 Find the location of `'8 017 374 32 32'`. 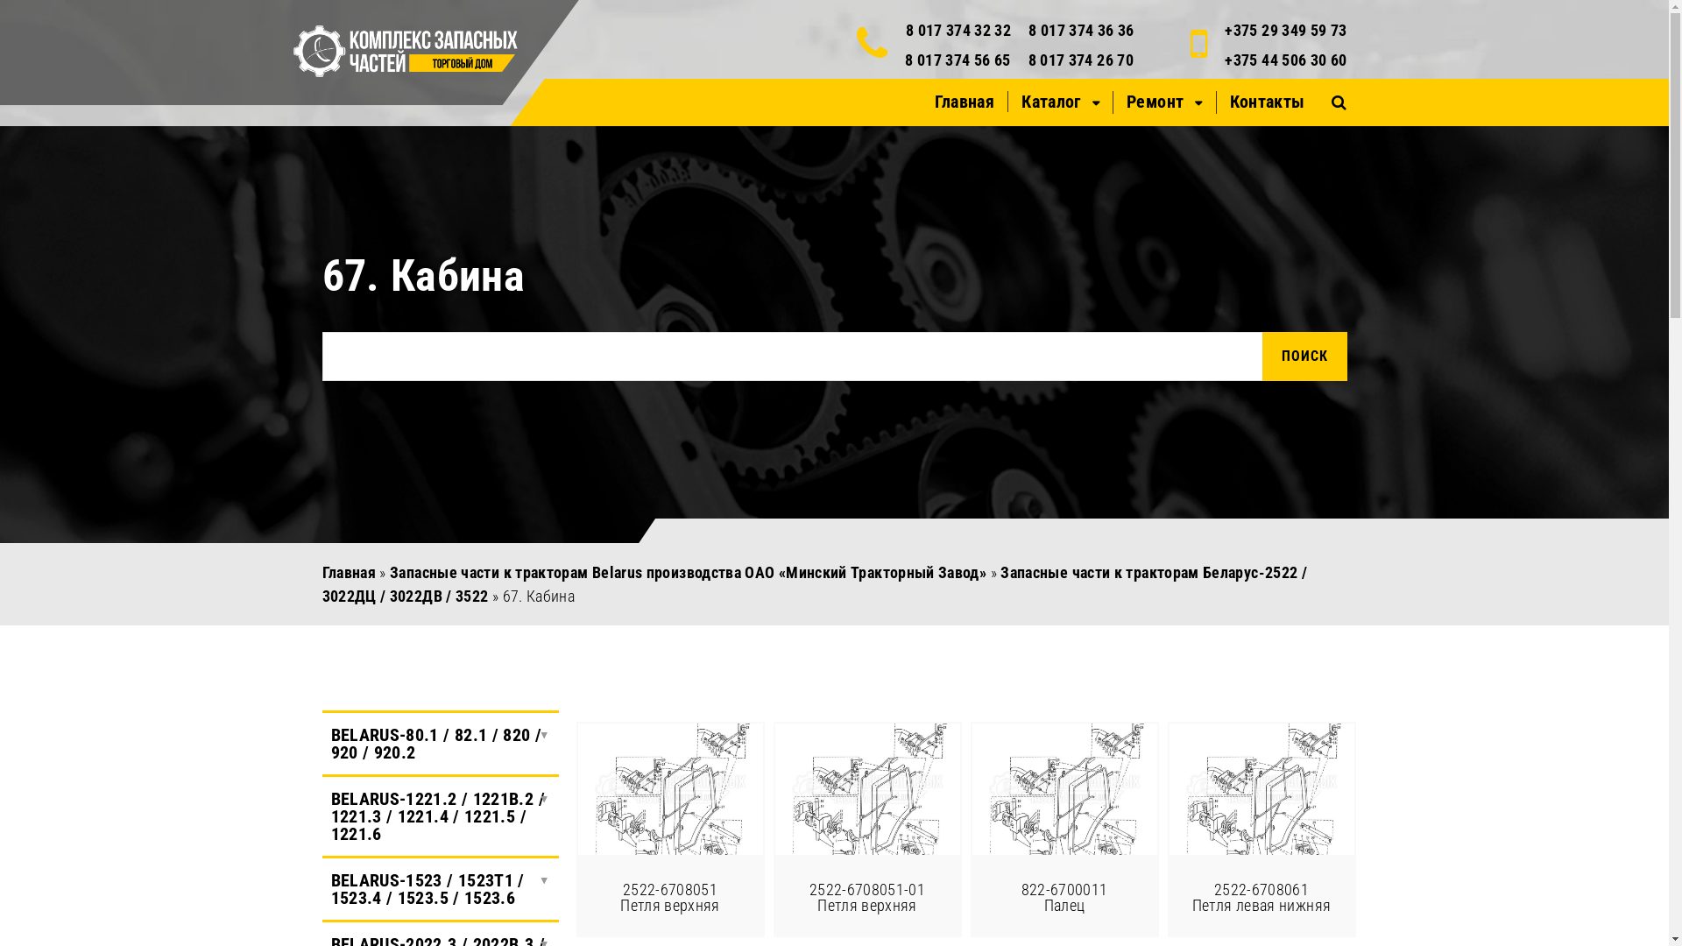

'8 017 374 32 32' is located at coordinates (905, 30).